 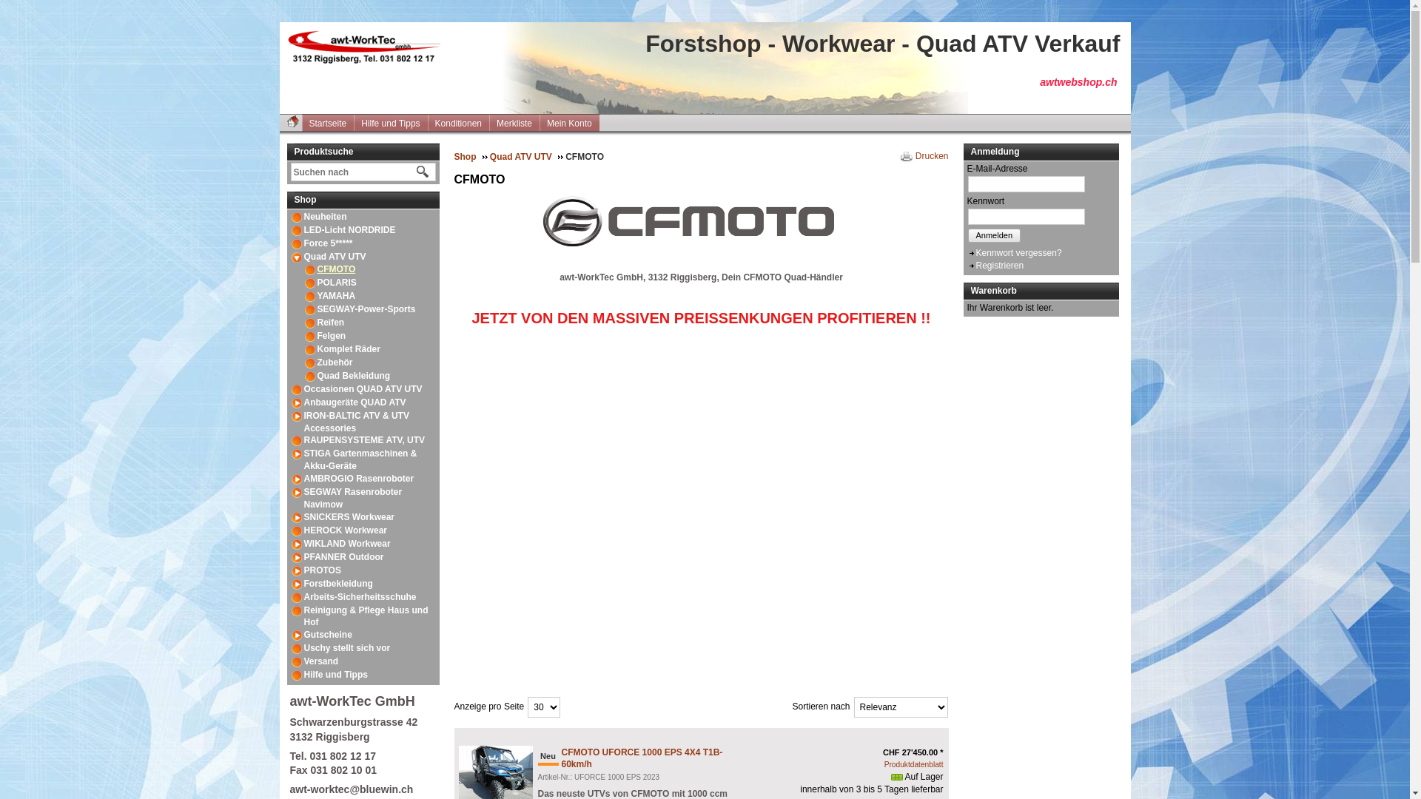 I want to click on 'Kennwort vergessen?', so click(x=1012, y=252).